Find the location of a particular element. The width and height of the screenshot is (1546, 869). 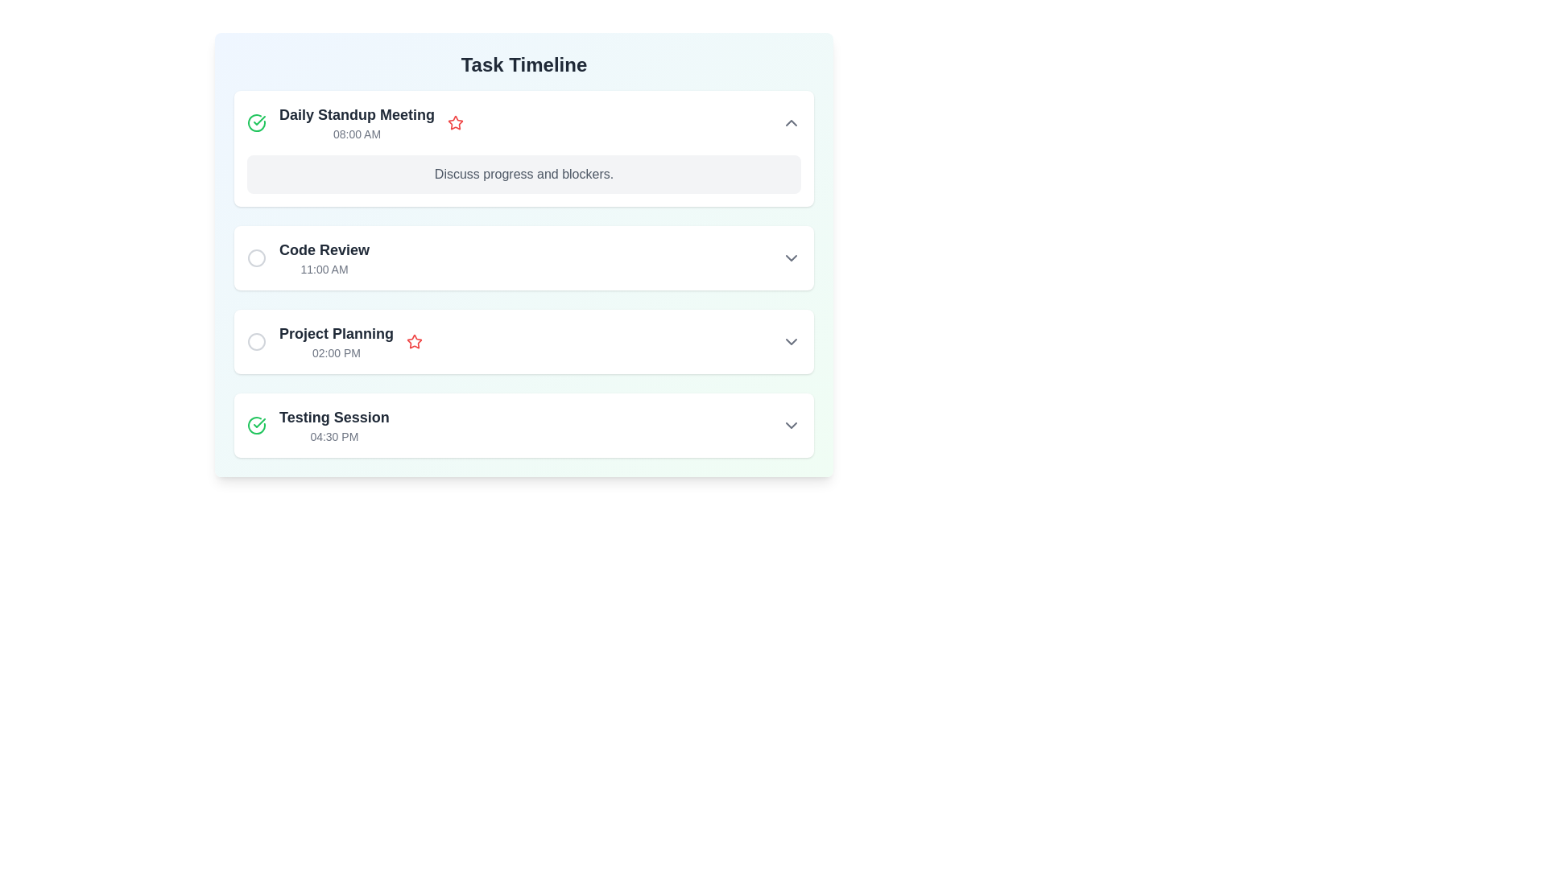

the textual label group representing the task entry in the third position of the 'Task Timeline', located between 'Code Review' and 'Testing Session' is located at coordinates (334, 340).